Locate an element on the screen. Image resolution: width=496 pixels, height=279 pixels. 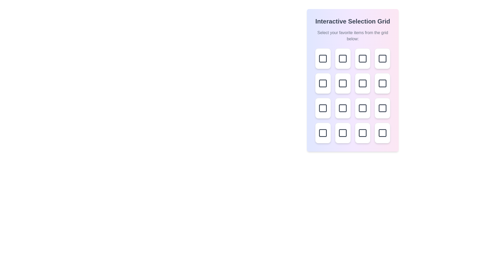
the graphical non-interactive SVG rectangle component located in the third row and second column of the grid is located at coordinates (362, 83).